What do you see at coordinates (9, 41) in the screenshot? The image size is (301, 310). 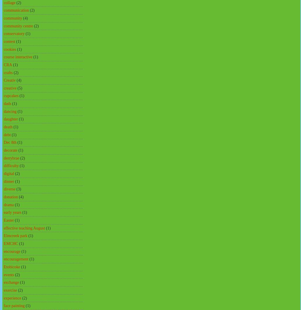 I see `'contest'` at bounding box center [9, 41].